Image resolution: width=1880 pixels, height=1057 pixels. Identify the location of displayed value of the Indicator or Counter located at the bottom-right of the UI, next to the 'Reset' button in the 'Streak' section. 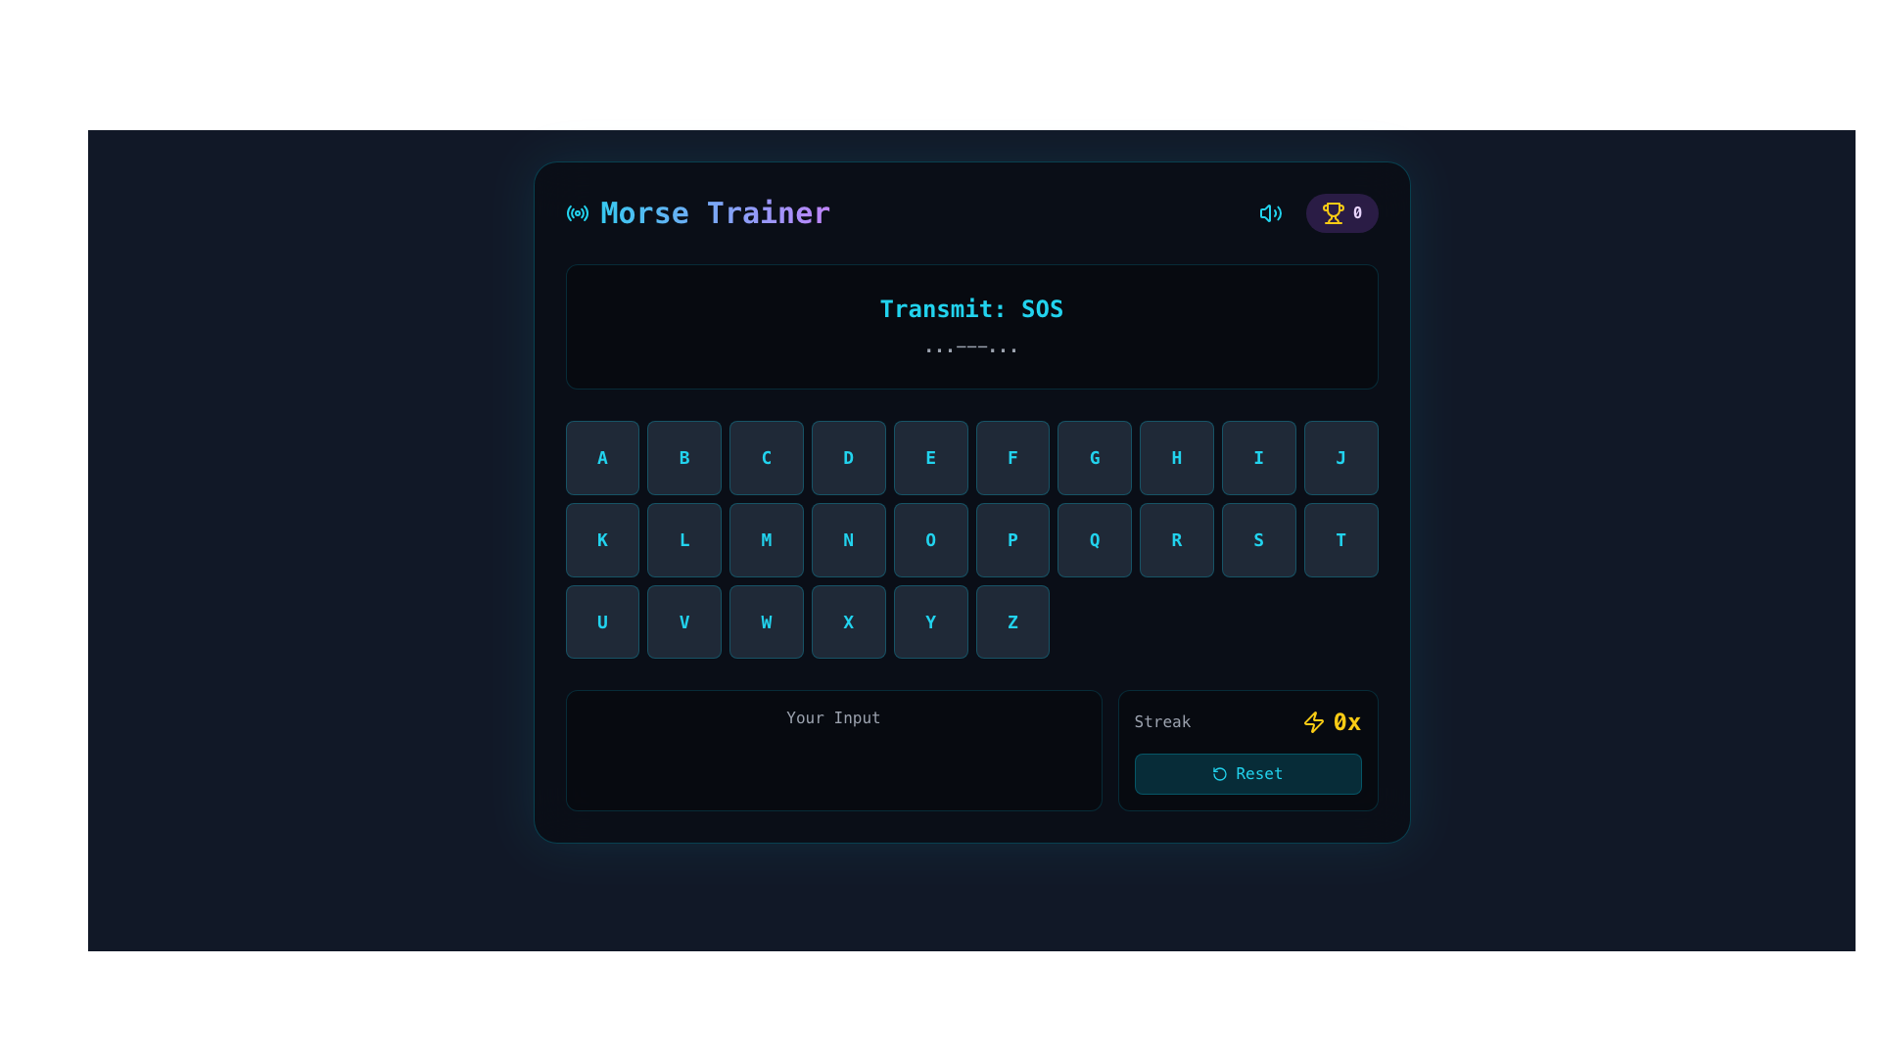
(1332, 722).